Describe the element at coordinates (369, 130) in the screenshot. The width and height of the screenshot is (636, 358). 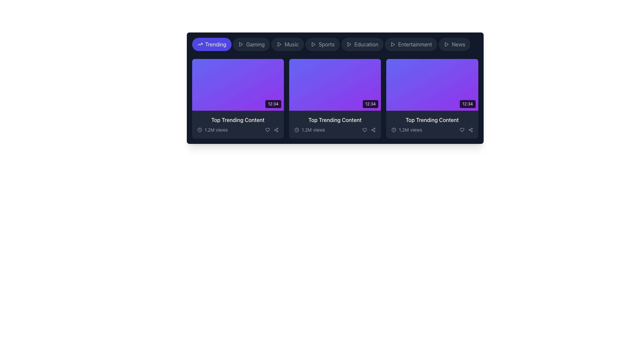
I see `the heart icon in the bottom-right corner of the middle card to like the content` at that location.